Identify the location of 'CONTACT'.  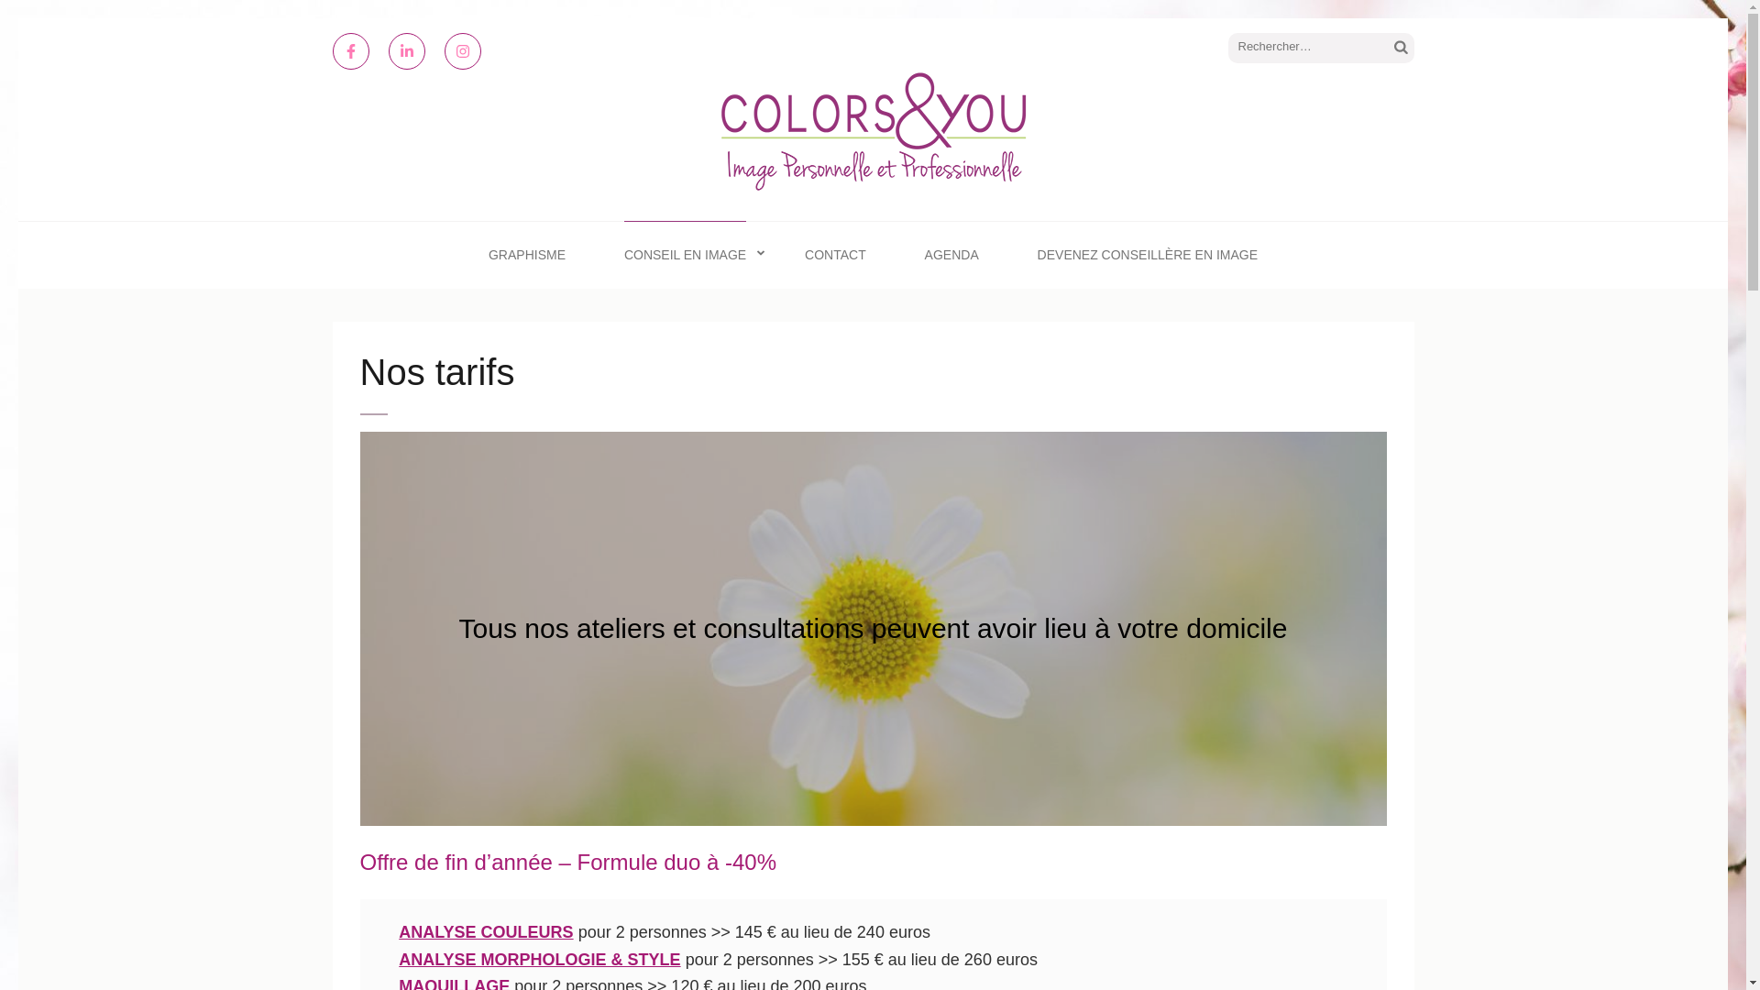
(834, 254).